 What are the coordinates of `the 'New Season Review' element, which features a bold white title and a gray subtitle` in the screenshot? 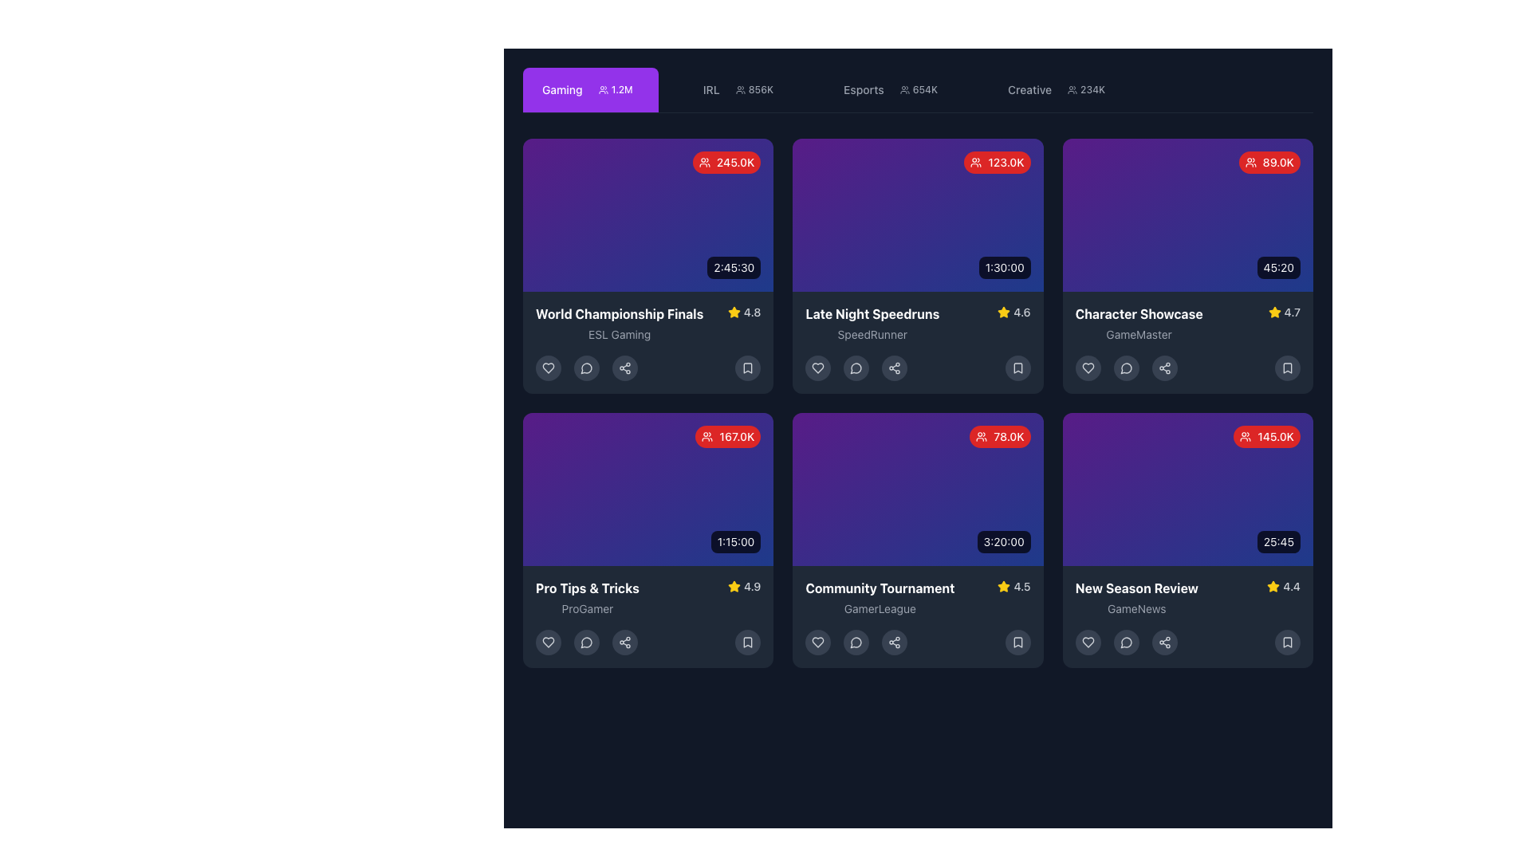 It's located at (1187, 597).